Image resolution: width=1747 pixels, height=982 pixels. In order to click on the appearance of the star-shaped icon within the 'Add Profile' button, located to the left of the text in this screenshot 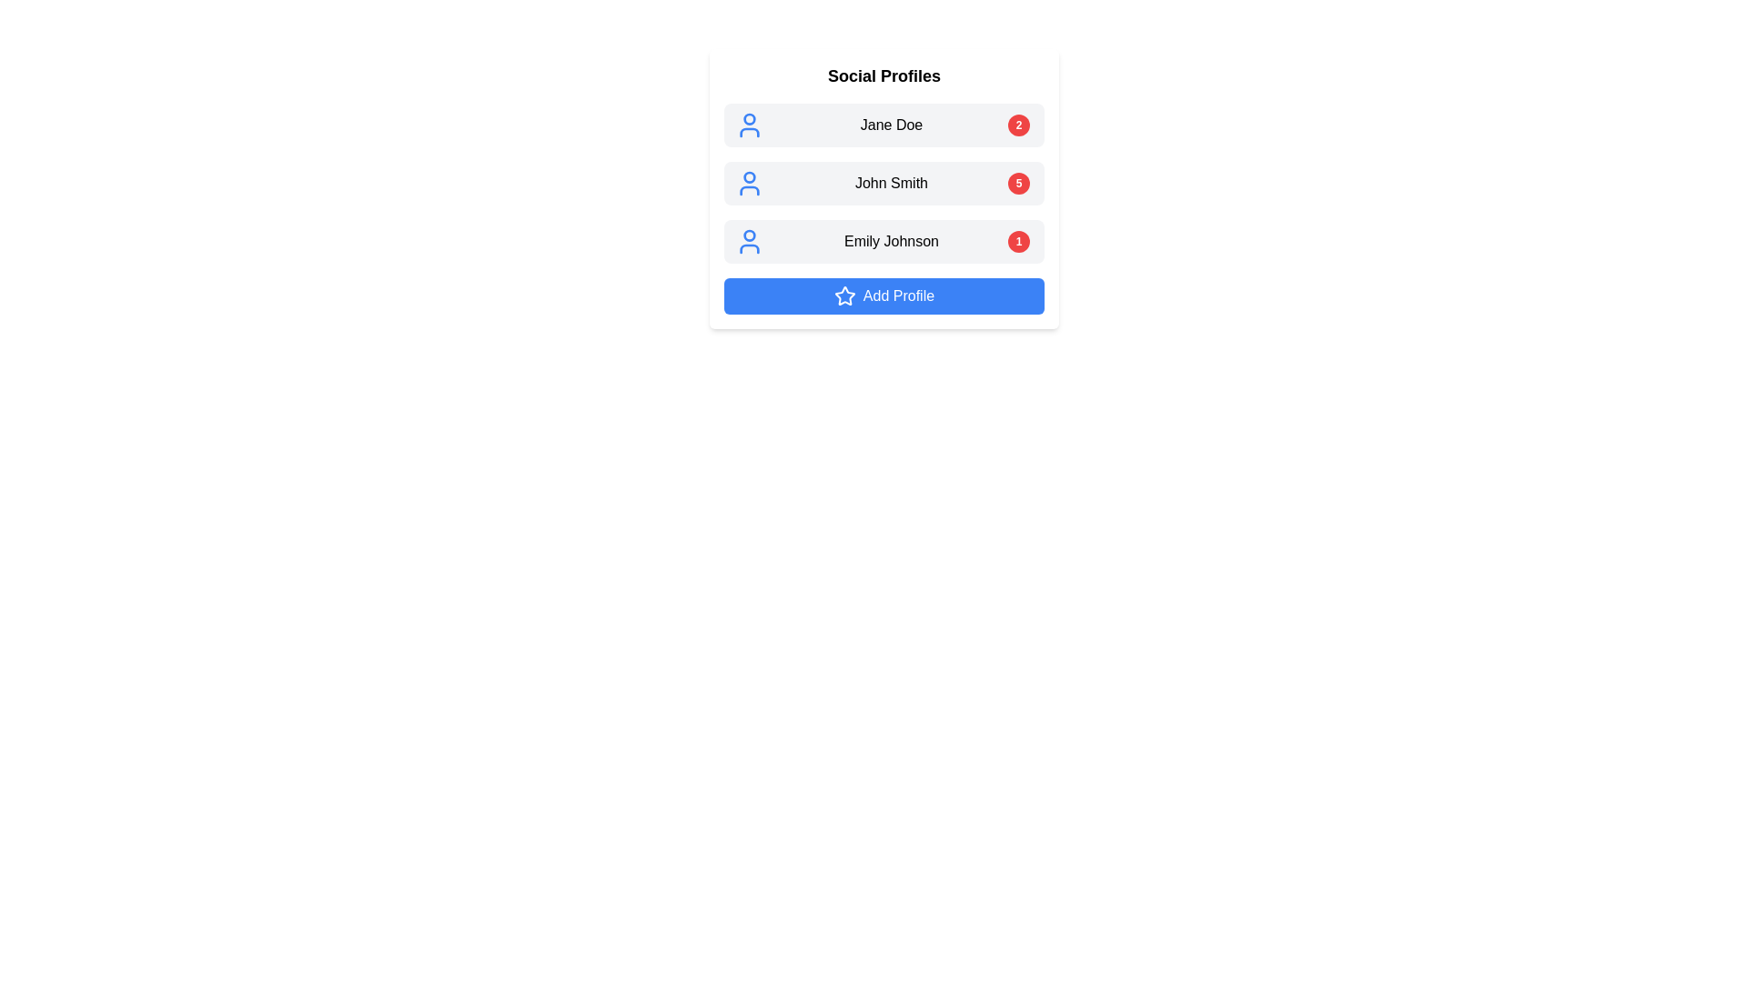, I will do `click(843, 296)`.